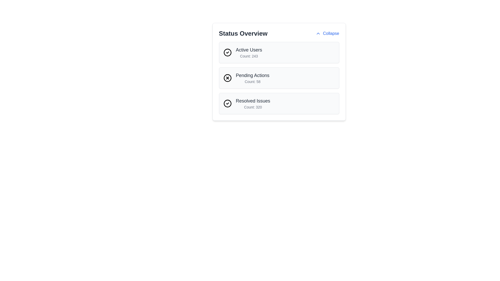 This screenshot has height=281, width=500. What do you see at coordinates (279, 78) in the screenshot?
I see `additional details of the 'Pending Actions' informational card, which features a light gray background, dark gray text stating 'Pending Actions', and a count of '58' in lighter gray text` at bounding box center [279, 78].